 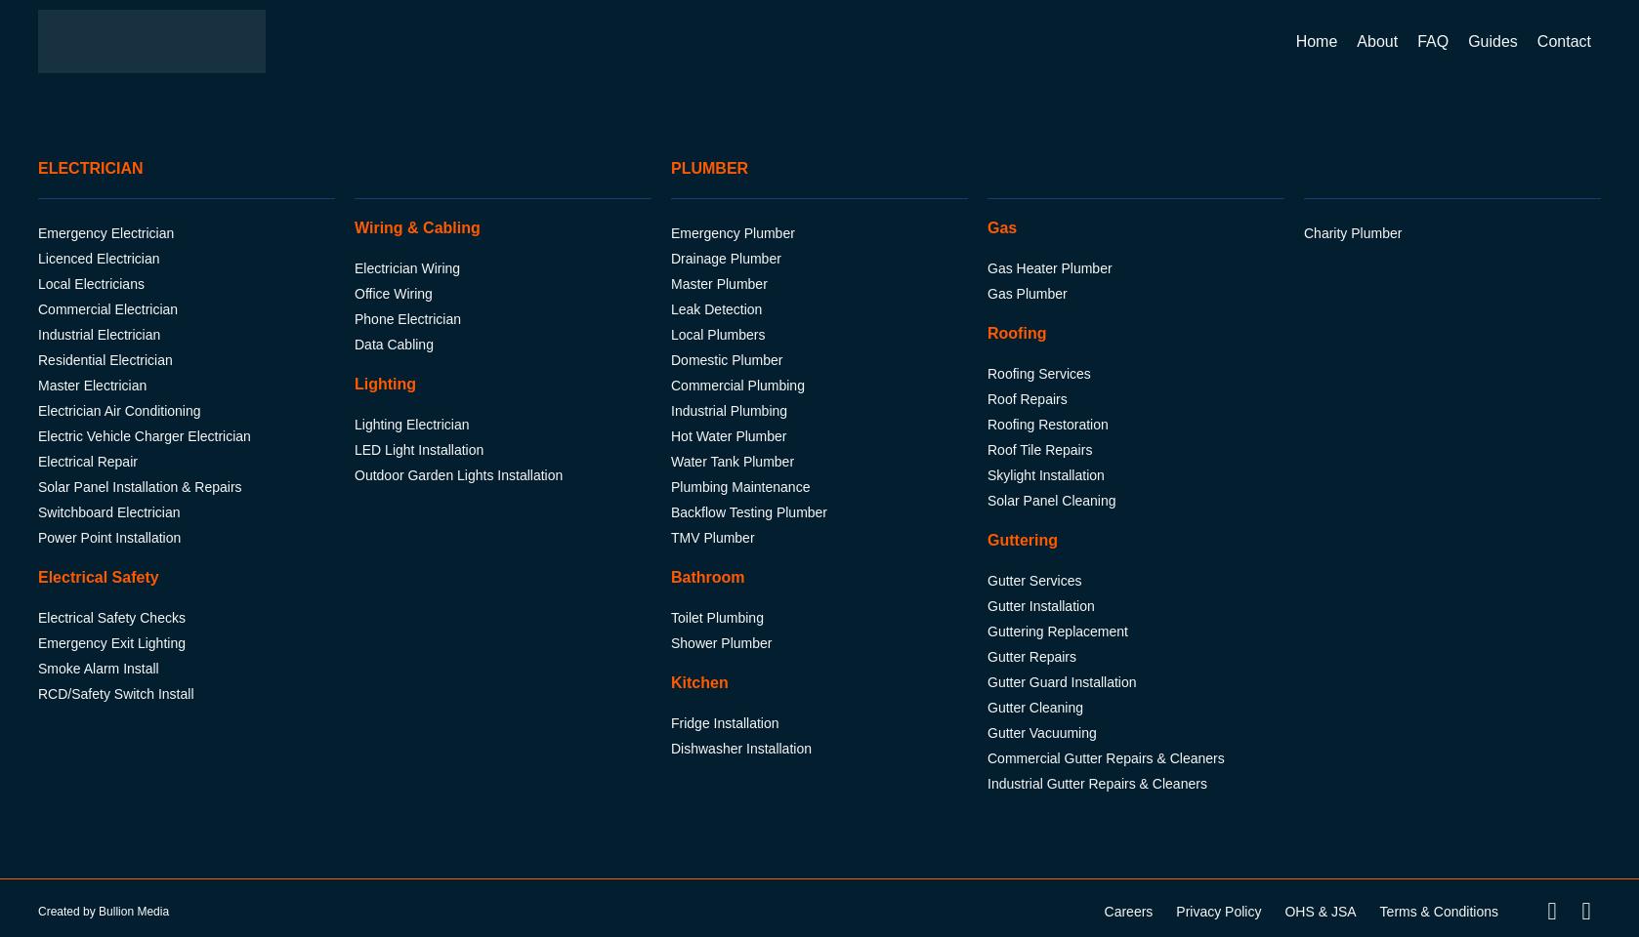 I want to click on 'Terms & Conditions', so click(x=1437, y=911).